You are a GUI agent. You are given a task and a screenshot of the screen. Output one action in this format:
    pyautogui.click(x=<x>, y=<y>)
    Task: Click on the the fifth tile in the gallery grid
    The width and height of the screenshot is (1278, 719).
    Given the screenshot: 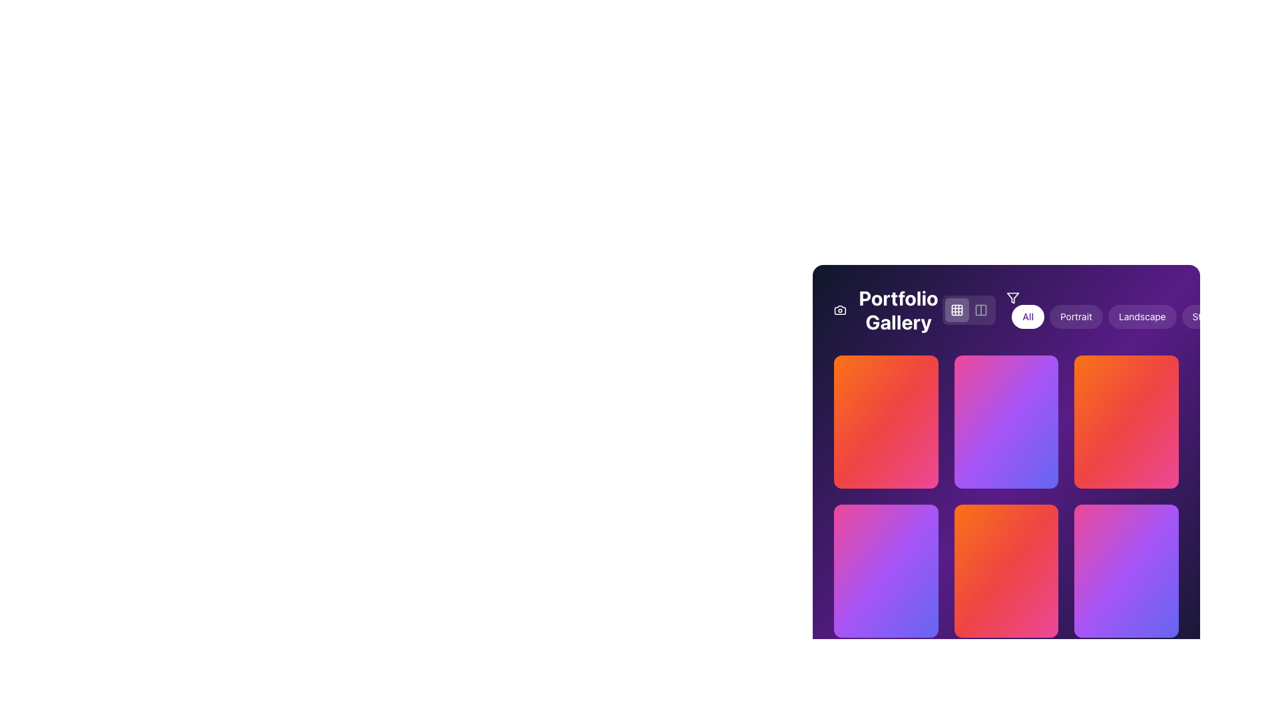 What is the action you would take?
    pyautogui.click(x=1006, y=496)
    